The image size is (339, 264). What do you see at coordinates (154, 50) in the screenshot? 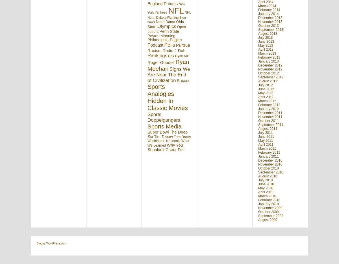
I see `'Racism'` at bounding box center [154, 50].